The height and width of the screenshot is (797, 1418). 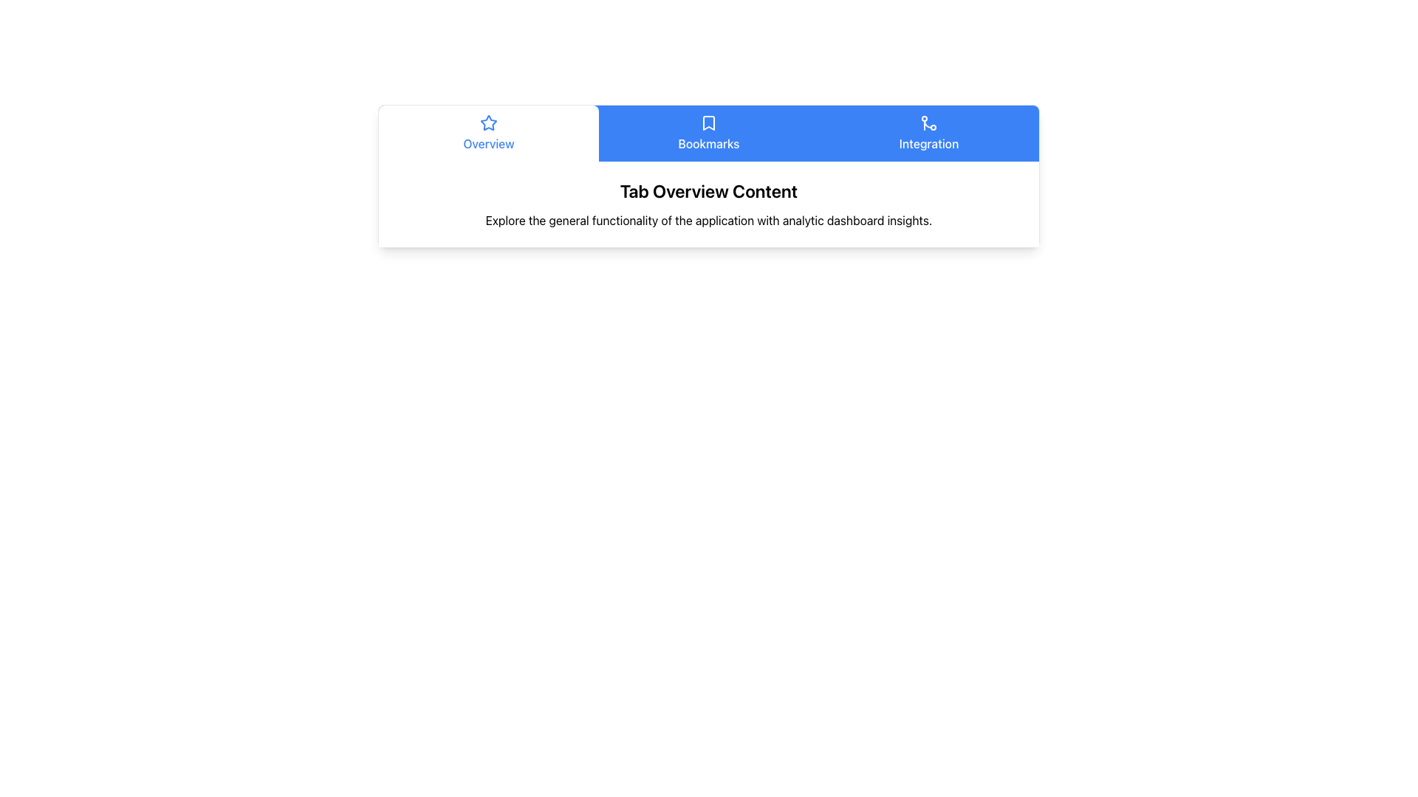 I want to click on descriptive text element providing information about the functionality of the application, located below the 'Tab Overview Content' header, so click(x=709, y=221).